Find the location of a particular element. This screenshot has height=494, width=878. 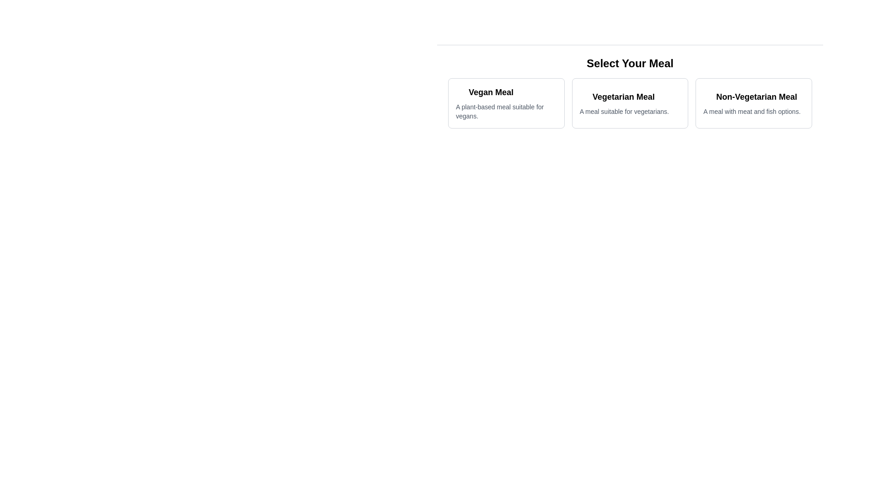

bold text label 'Non-Vegetarian Meal' located within the selection card, positioned at the rightmost end under the header 'Select Your Meal' is located at coordinates (756, 97).